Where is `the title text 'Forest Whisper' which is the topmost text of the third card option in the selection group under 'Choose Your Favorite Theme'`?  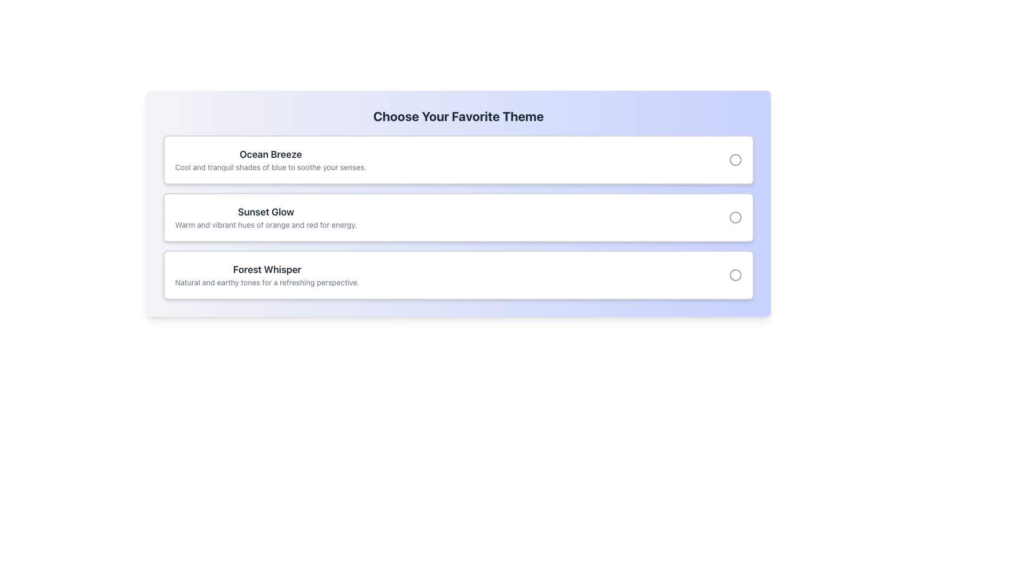
the title text 'Forest Whisper' which is the topmost text of the third card option in the selection group under 'Choose Your Favorite Theme' is located at coordinates (267, 269).